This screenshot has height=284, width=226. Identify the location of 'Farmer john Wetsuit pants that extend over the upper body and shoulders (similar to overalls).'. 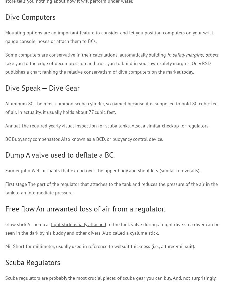
(5, 170).